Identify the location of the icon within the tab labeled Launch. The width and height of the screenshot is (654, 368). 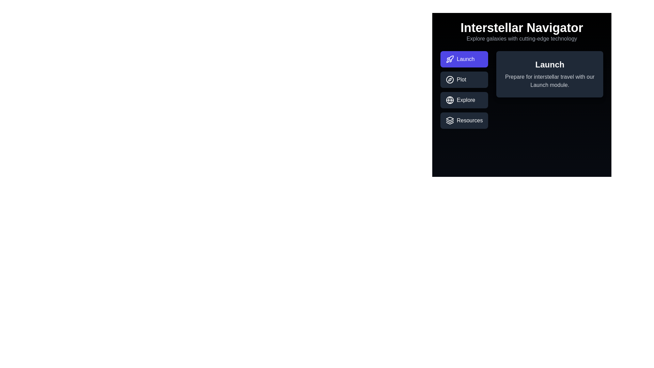
(450, 59).